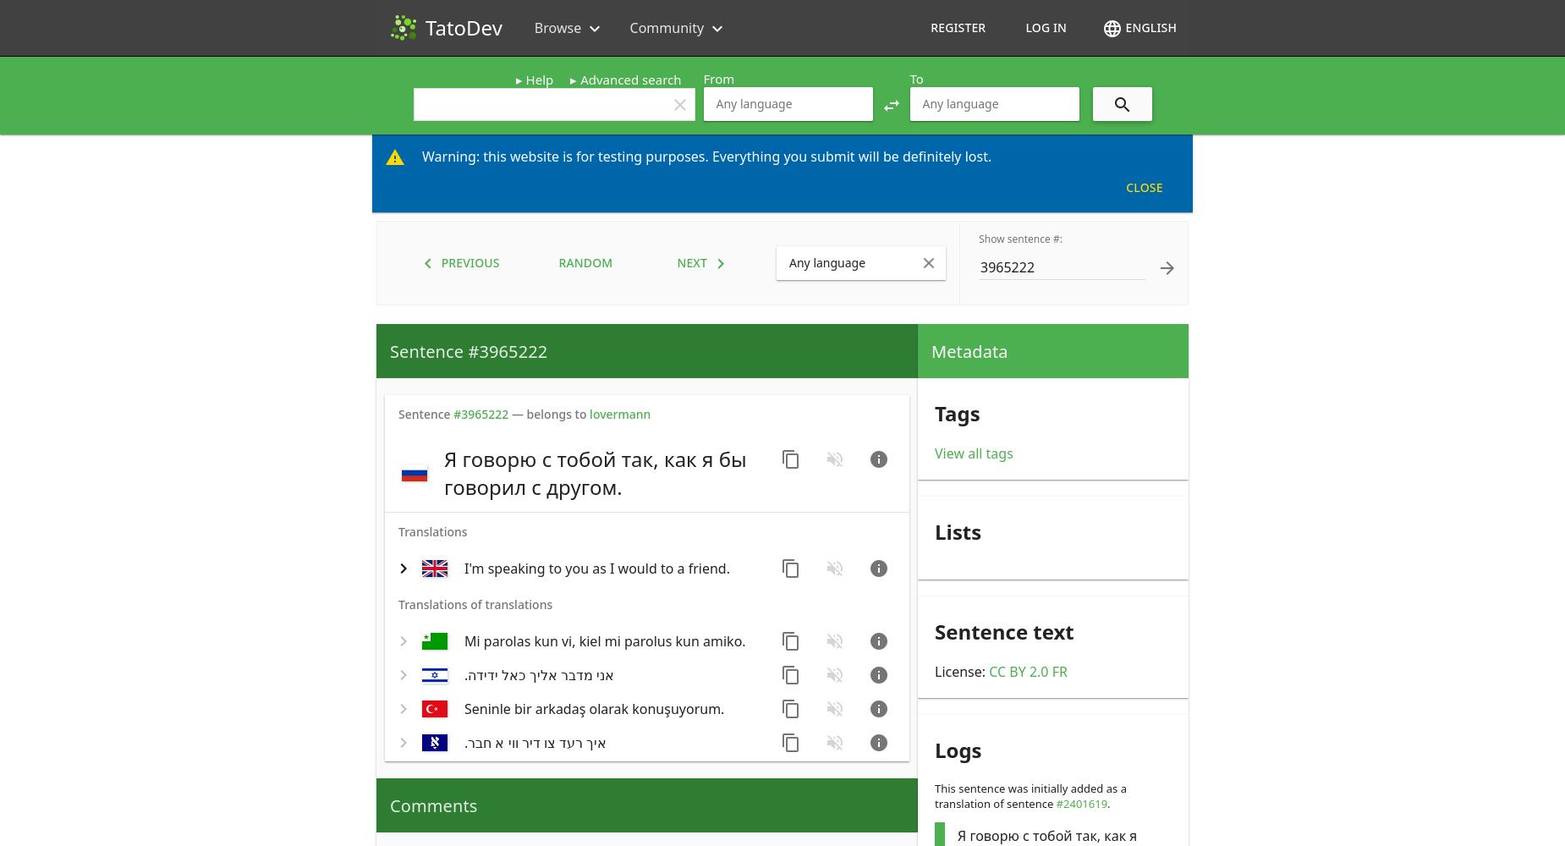  Describe the element at coordinates (480, 413) in the screenshot. I see `'#3965222'` at that location.